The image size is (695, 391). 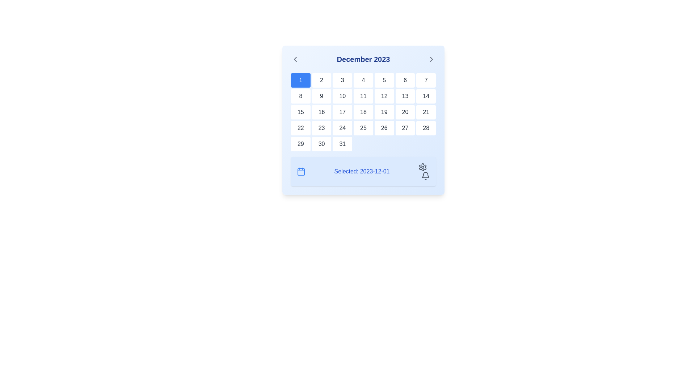 What do you see at coordinates (342, 112) in the screenshot?
I see `the calendar day button displaying the number '17', which is located in the third cell of the third row in the grid layout` at bounding box center [342, 112].